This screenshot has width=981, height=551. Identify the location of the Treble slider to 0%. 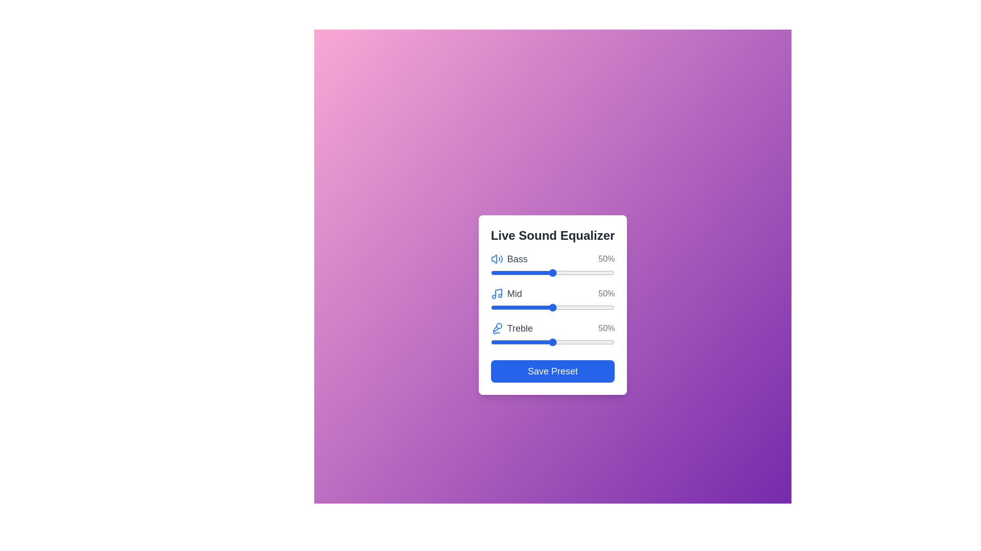
(491, 342).